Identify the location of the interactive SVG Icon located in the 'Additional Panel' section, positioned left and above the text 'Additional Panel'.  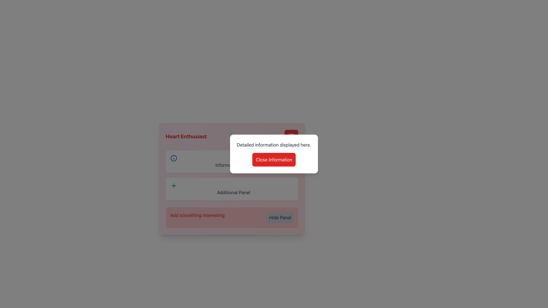
(173, 186).